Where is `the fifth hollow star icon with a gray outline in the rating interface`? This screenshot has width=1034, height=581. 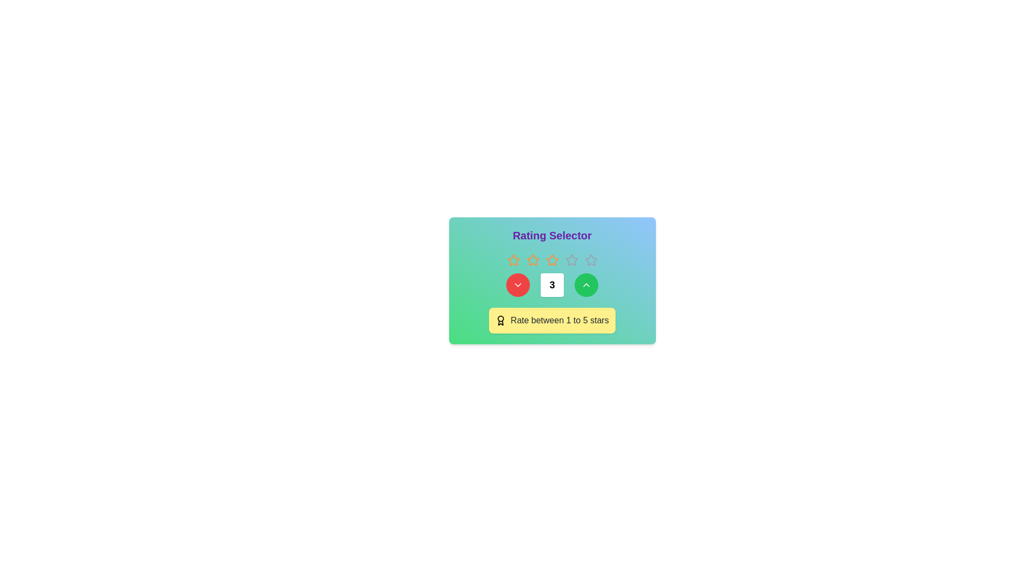
the fifth hollow star icon with a gray outline in the rating interface is located at coordinates (590, 259).